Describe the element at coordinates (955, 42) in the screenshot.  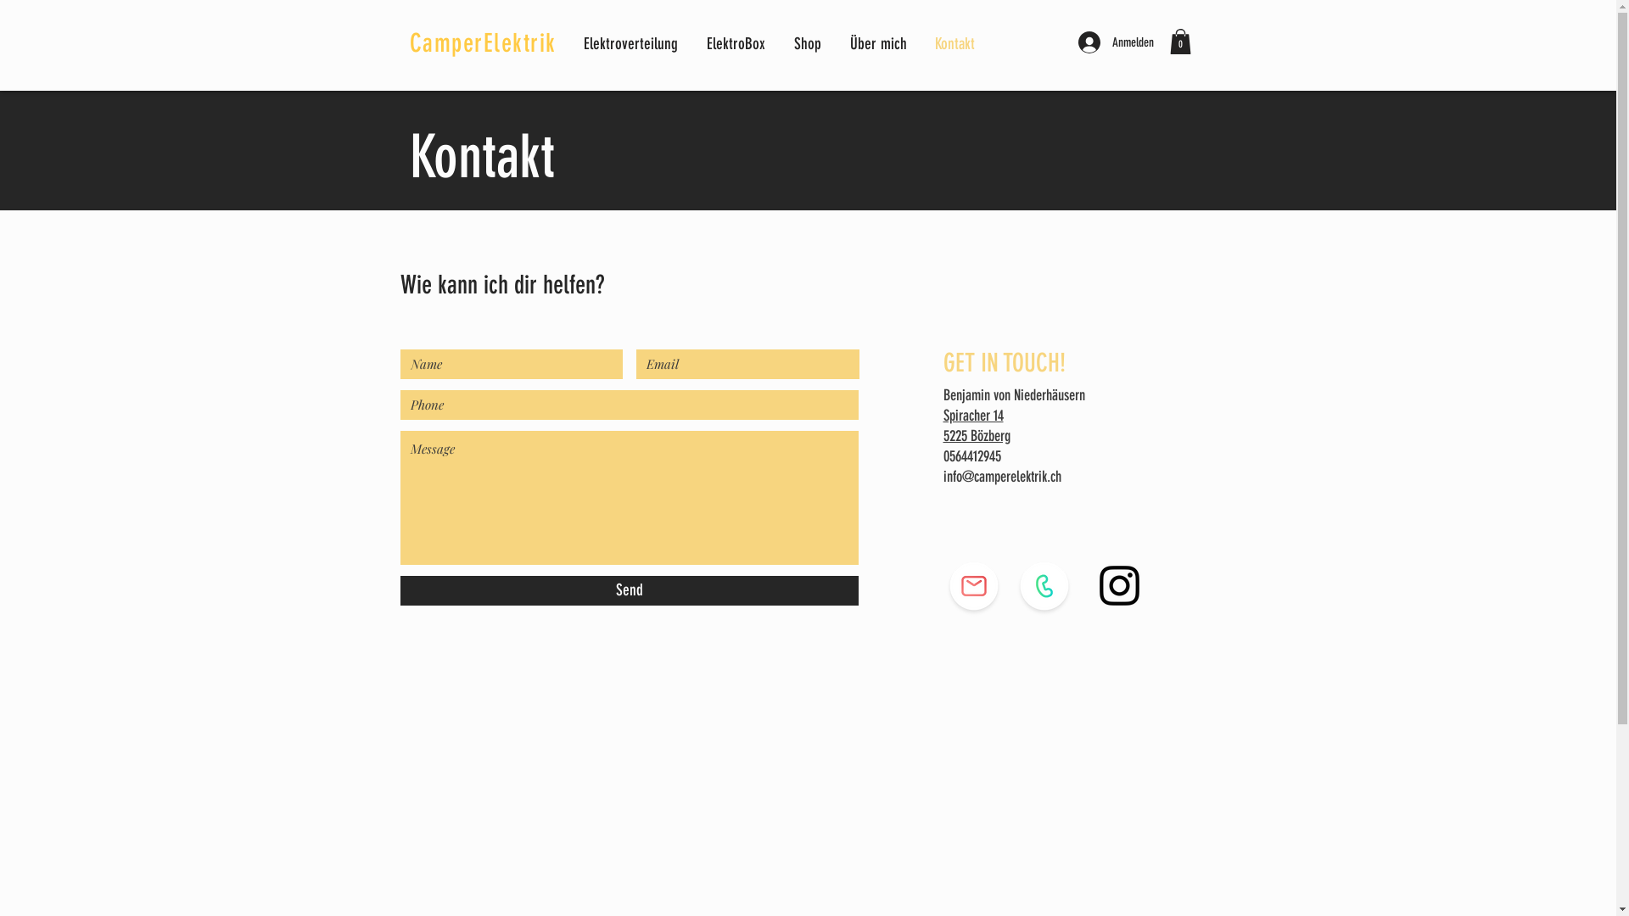
I see `'Kontakt'` at that location.